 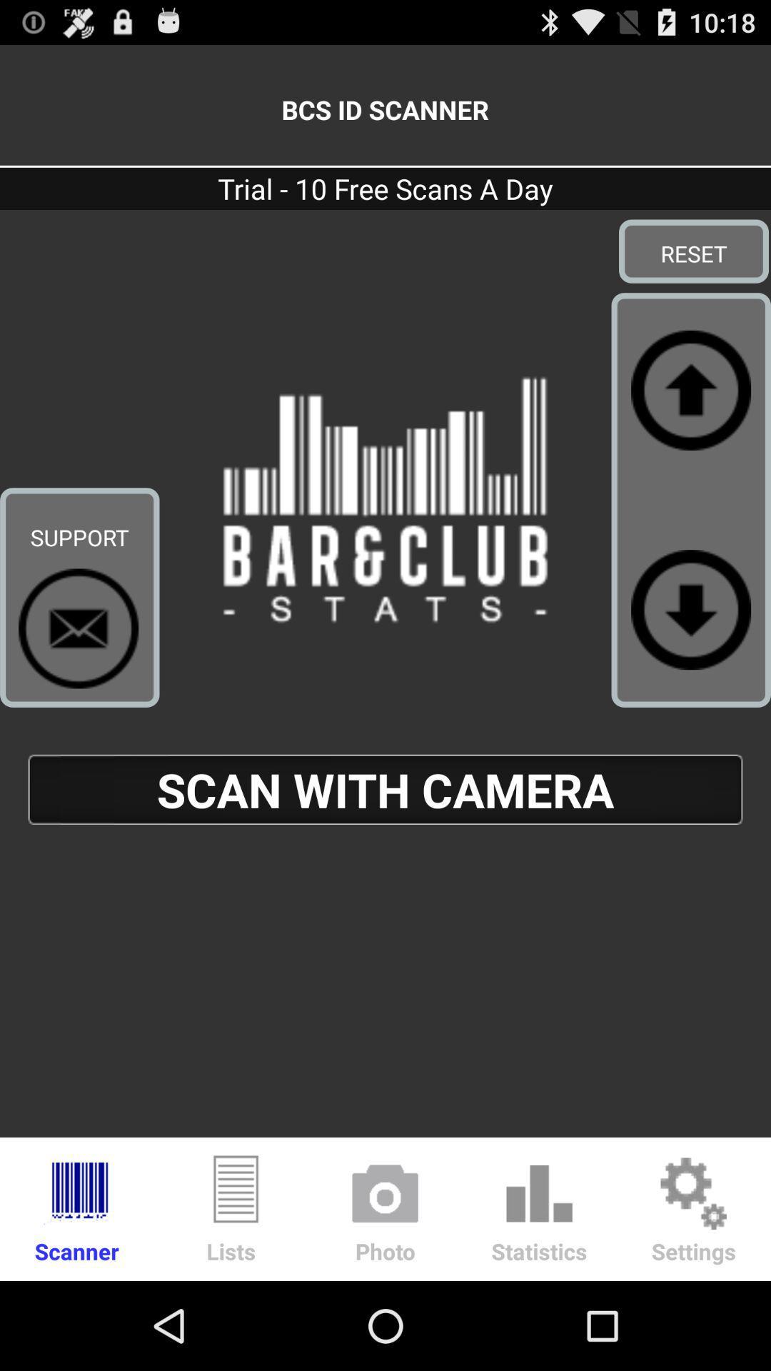 What do you see at coordinates (690, 417) in the screenshot?
I see `the arrow_upward icon` at bounding box center [690, 417].